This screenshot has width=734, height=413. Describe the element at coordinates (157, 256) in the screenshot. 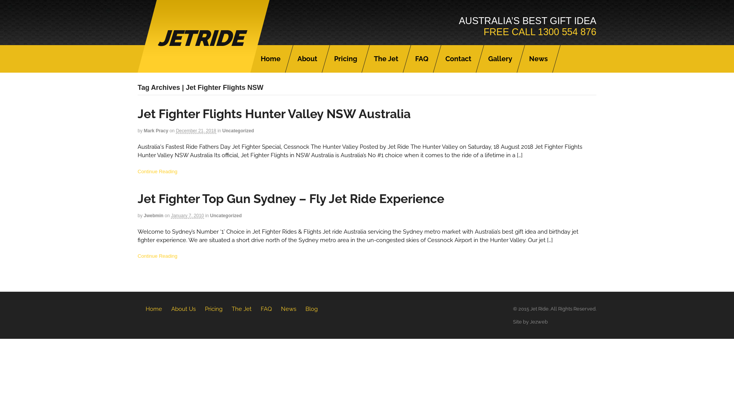

I see `'Continue Reading'` at that location.